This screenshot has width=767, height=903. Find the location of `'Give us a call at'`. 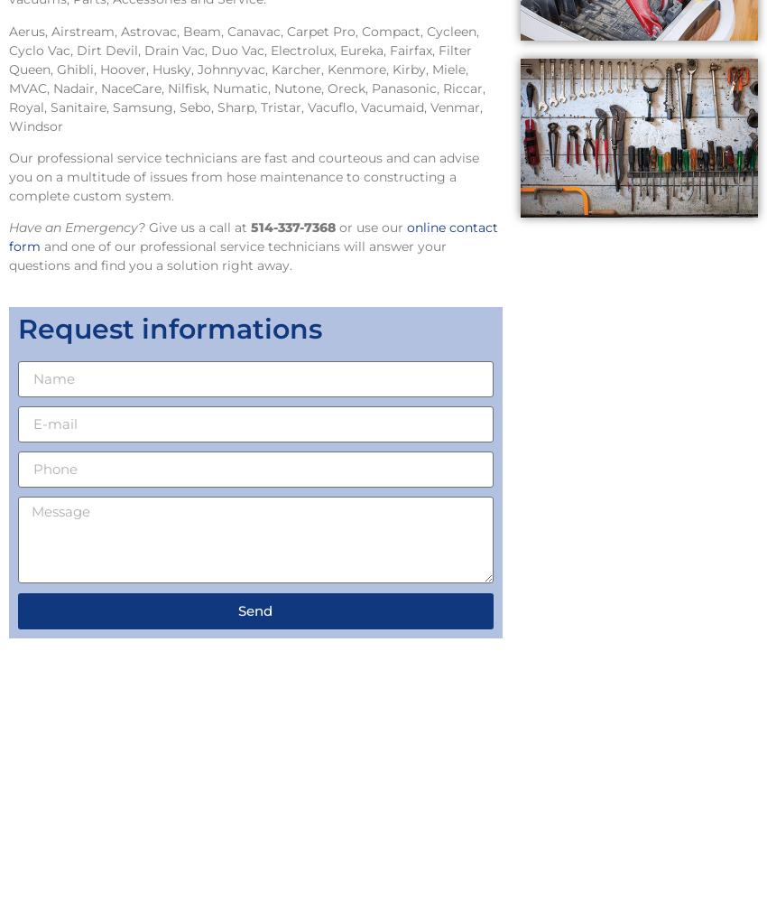

'Give us a call at' is located at coordinates (198, 228).